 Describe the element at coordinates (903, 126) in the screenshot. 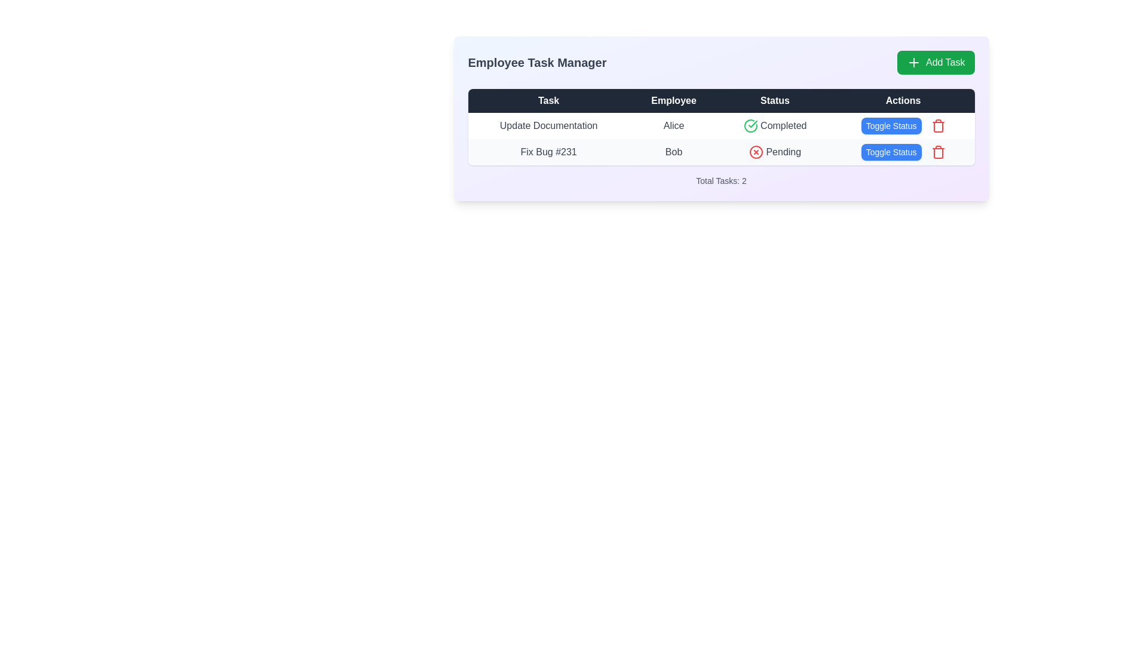

I see `the 'Toggle Status' button, which has a blue background and white text` at that location.